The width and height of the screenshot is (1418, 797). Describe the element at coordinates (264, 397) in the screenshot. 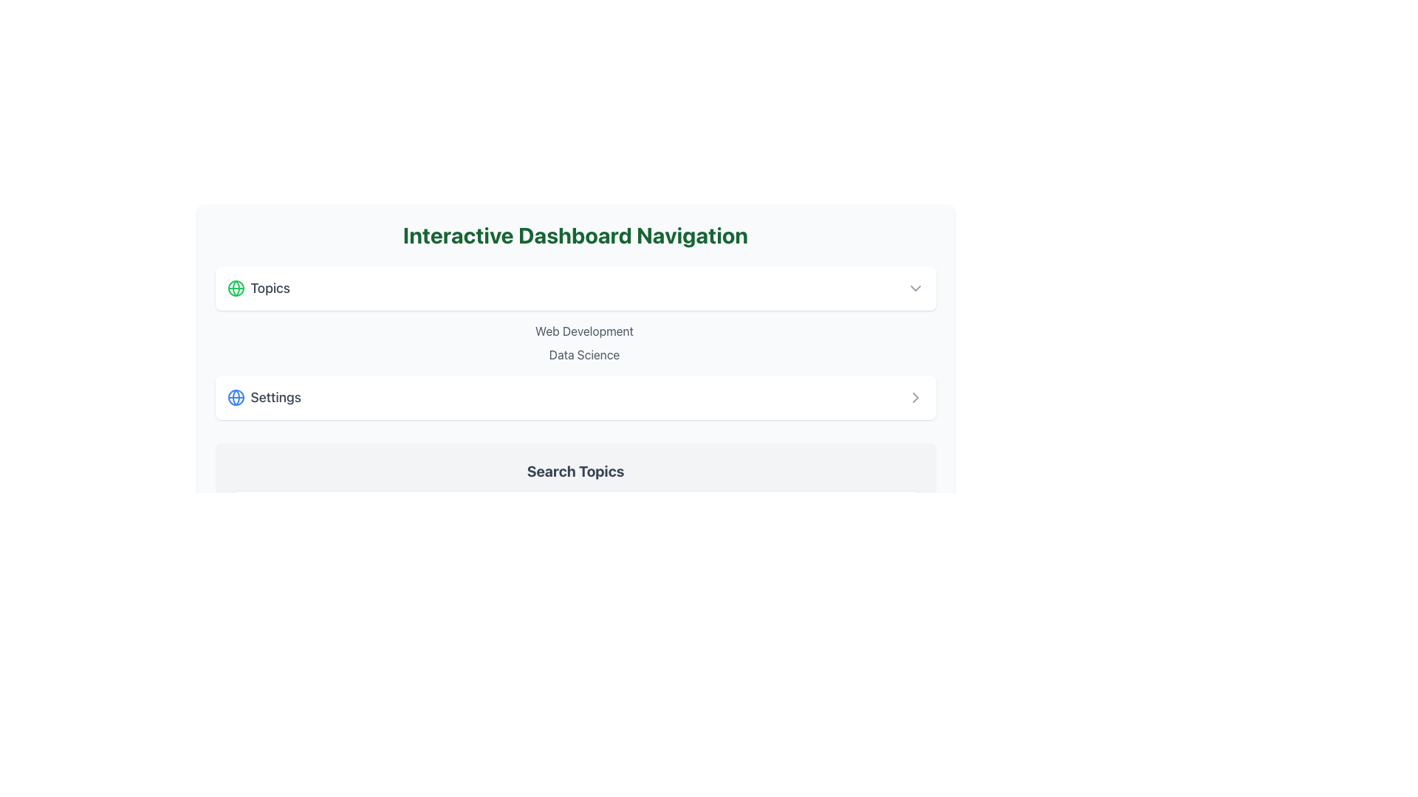

I see `the 'Settings' text label, which is styled in medium gray and positioned to the right of a blue globe icon` at that location.